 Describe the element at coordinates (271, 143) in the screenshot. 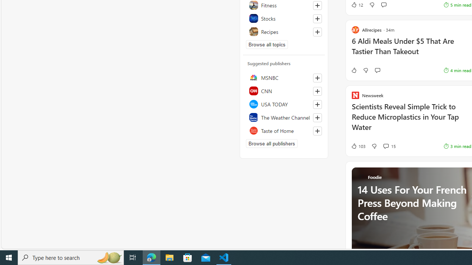

I see `'Browse all publishers'` at that location.